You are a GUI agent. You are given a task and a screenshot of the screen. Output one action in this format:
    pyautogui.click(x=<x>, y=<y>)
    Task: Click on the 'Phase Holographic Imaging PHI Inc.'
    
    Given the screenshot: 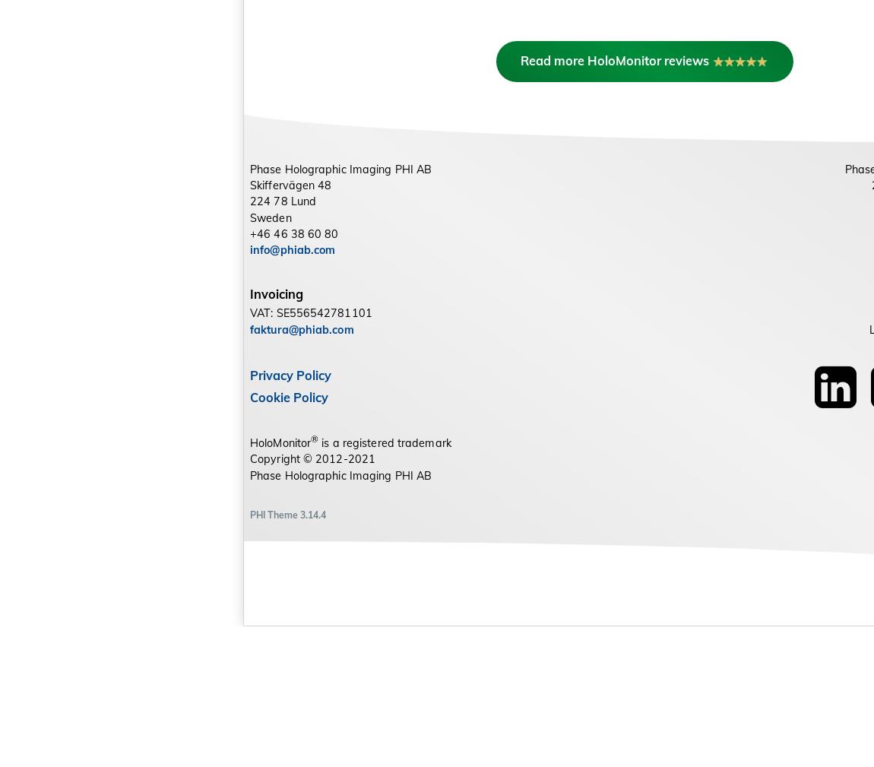 What is the action you would take?
    pyautogui.click(x=775, y=308)
    